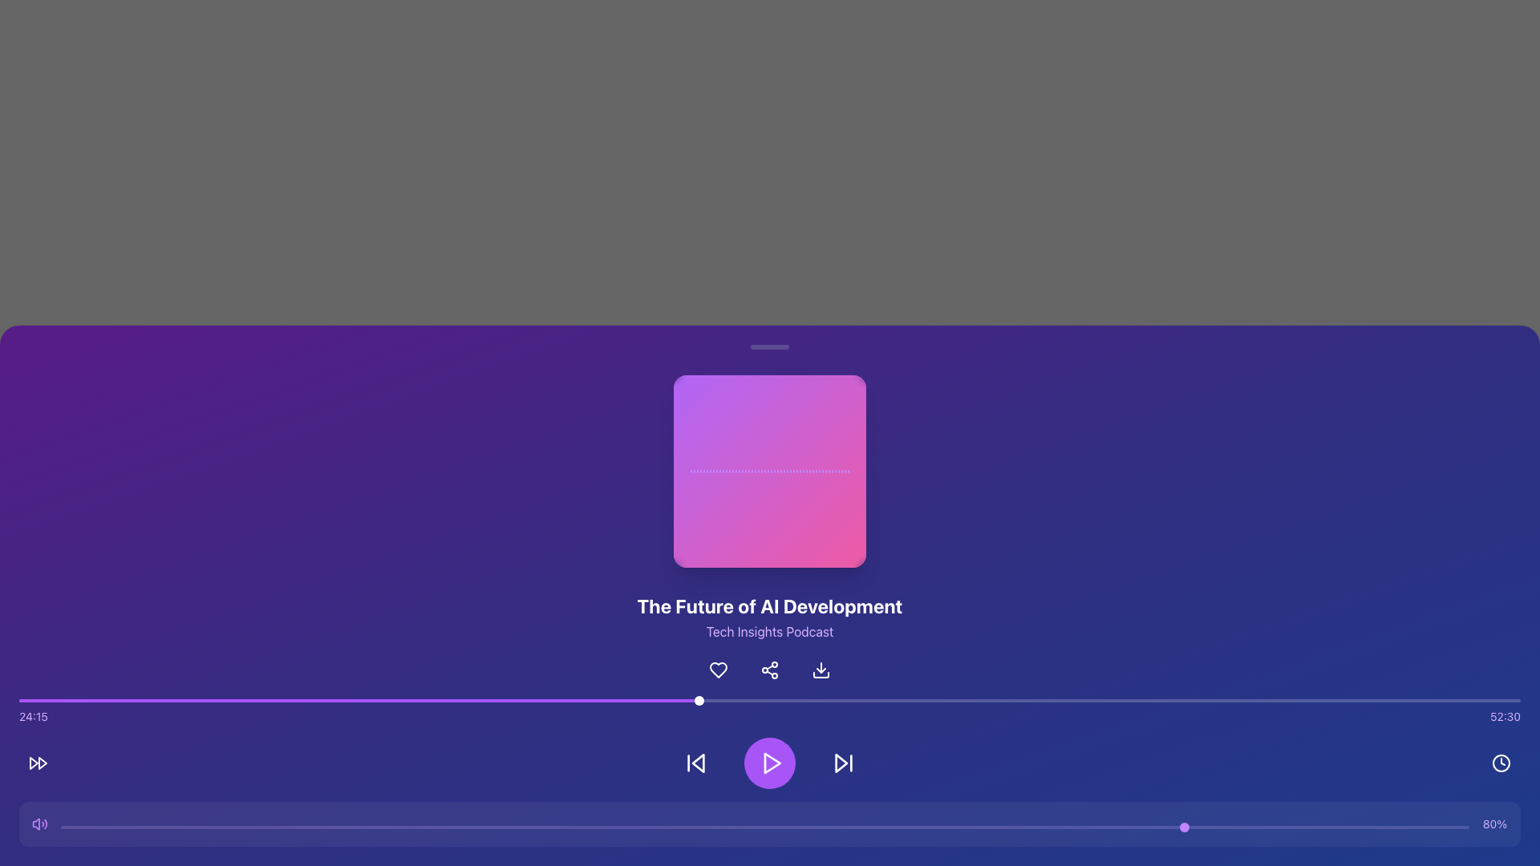 The height and width of the screenshot is (866, 1540). What do you see at coordinates (770, 710) in the screenshot?
I see `the progress bar located centrally below the title 'The Future of AI Development' to adjust the playback position` at bounding box center [770, 710].